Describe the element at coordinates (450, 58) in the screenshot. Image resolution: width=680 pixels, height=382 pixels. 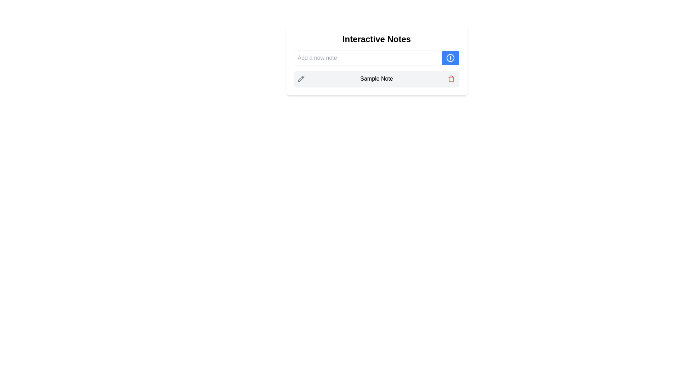
I see `the rounded blue button with a white plus sign icon, located at the right end of the input field group` at that location.